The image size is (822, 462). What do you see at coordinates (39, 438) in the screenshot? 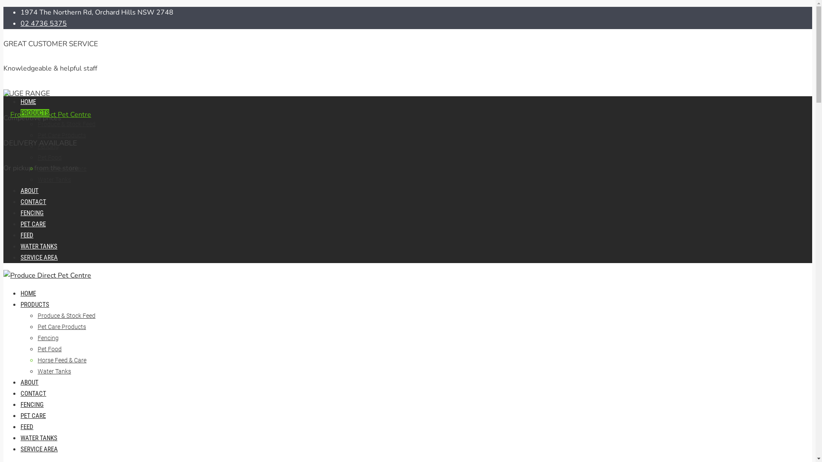
I see `'WATER TANKS'` at bounding box center [39, 438].